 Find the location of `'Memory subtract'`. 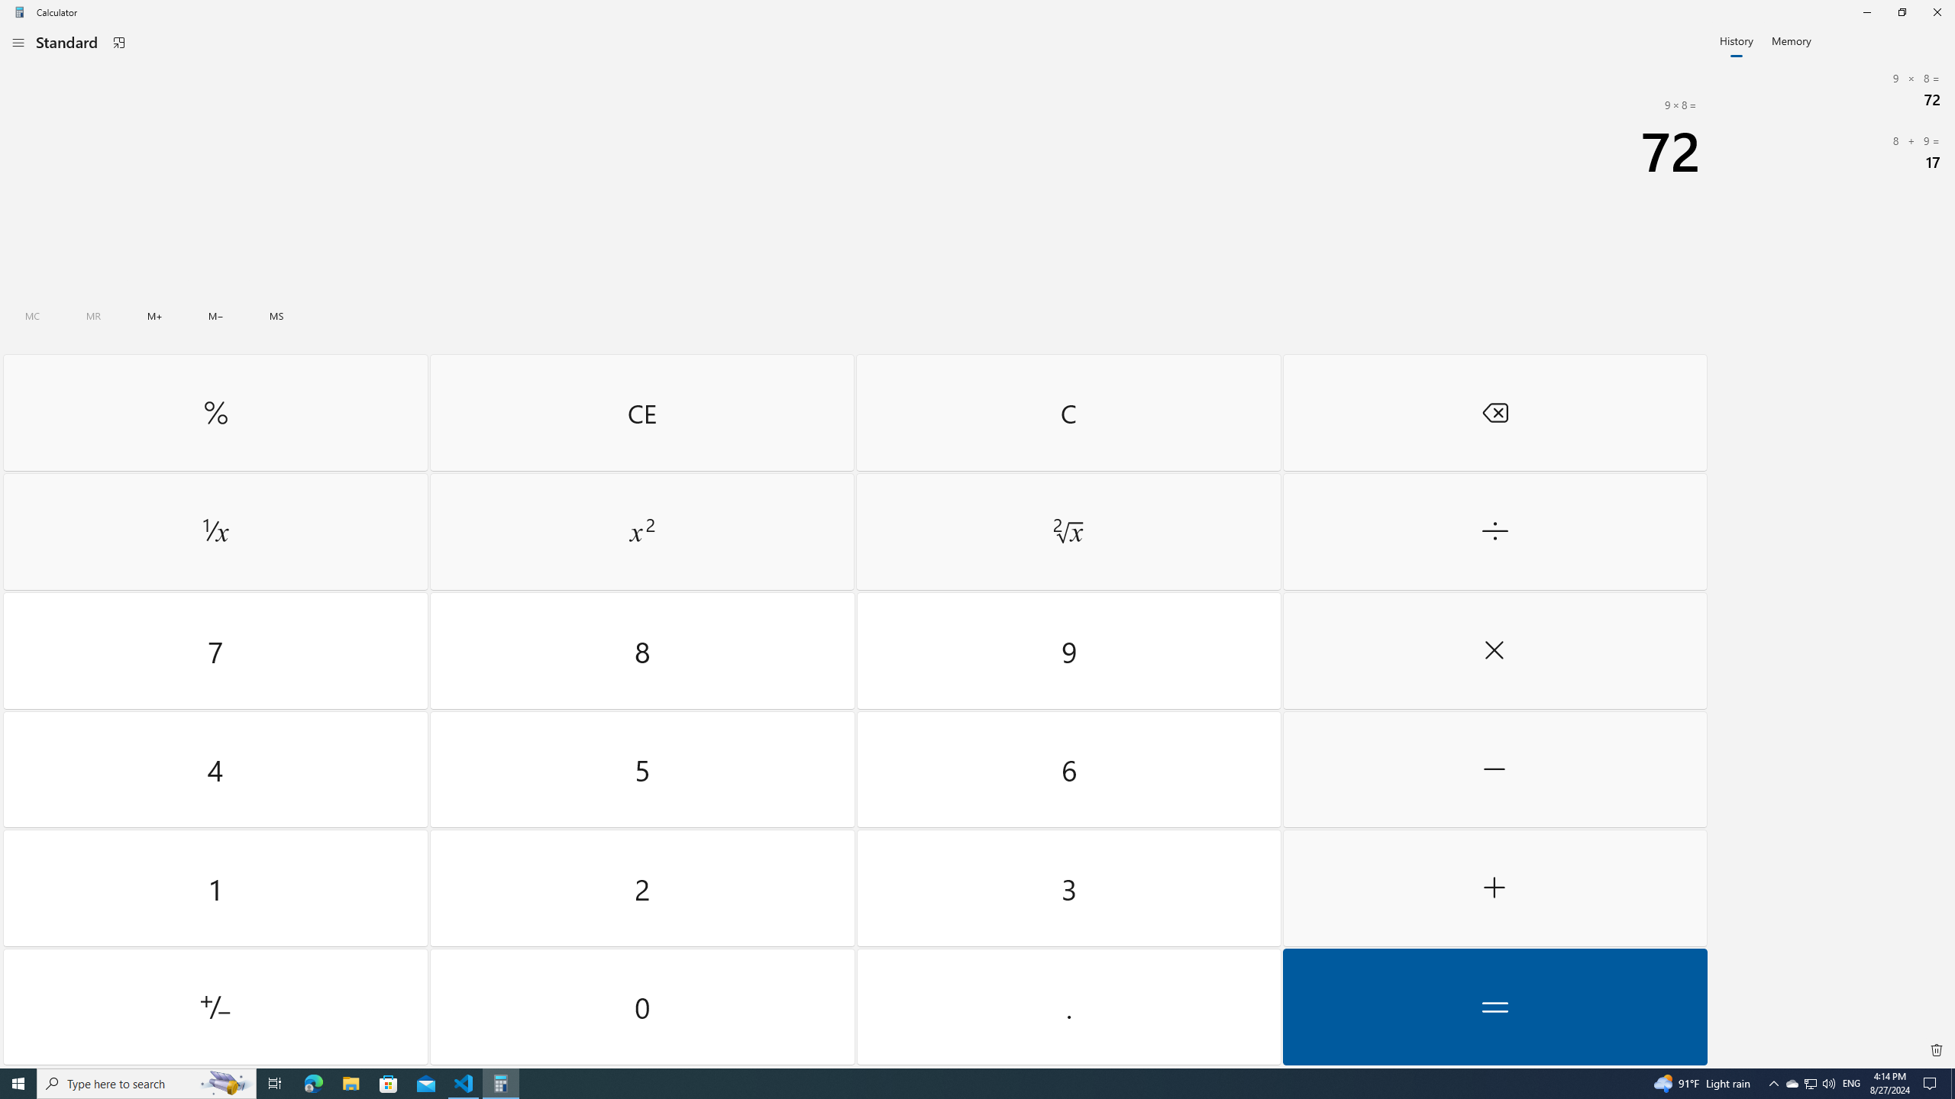

'Memory subtract' is located at coordinates (215, 315).